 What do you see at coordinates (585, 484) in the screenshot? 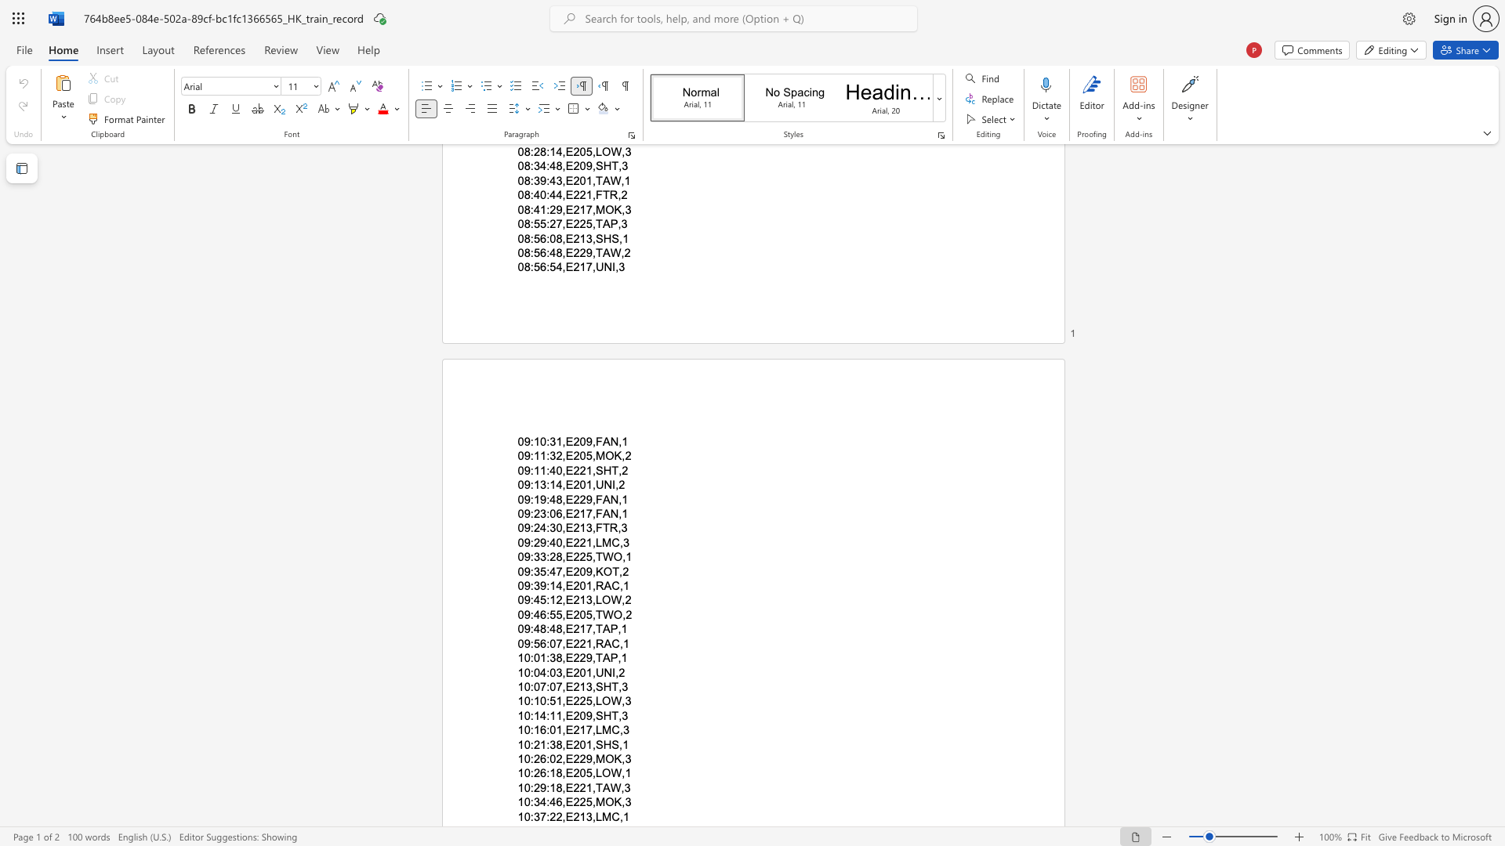
I see `the subset text "1,UNI,2" within the text "09:13:14,E201,UNI,2"` at bounding box center [585, 484].